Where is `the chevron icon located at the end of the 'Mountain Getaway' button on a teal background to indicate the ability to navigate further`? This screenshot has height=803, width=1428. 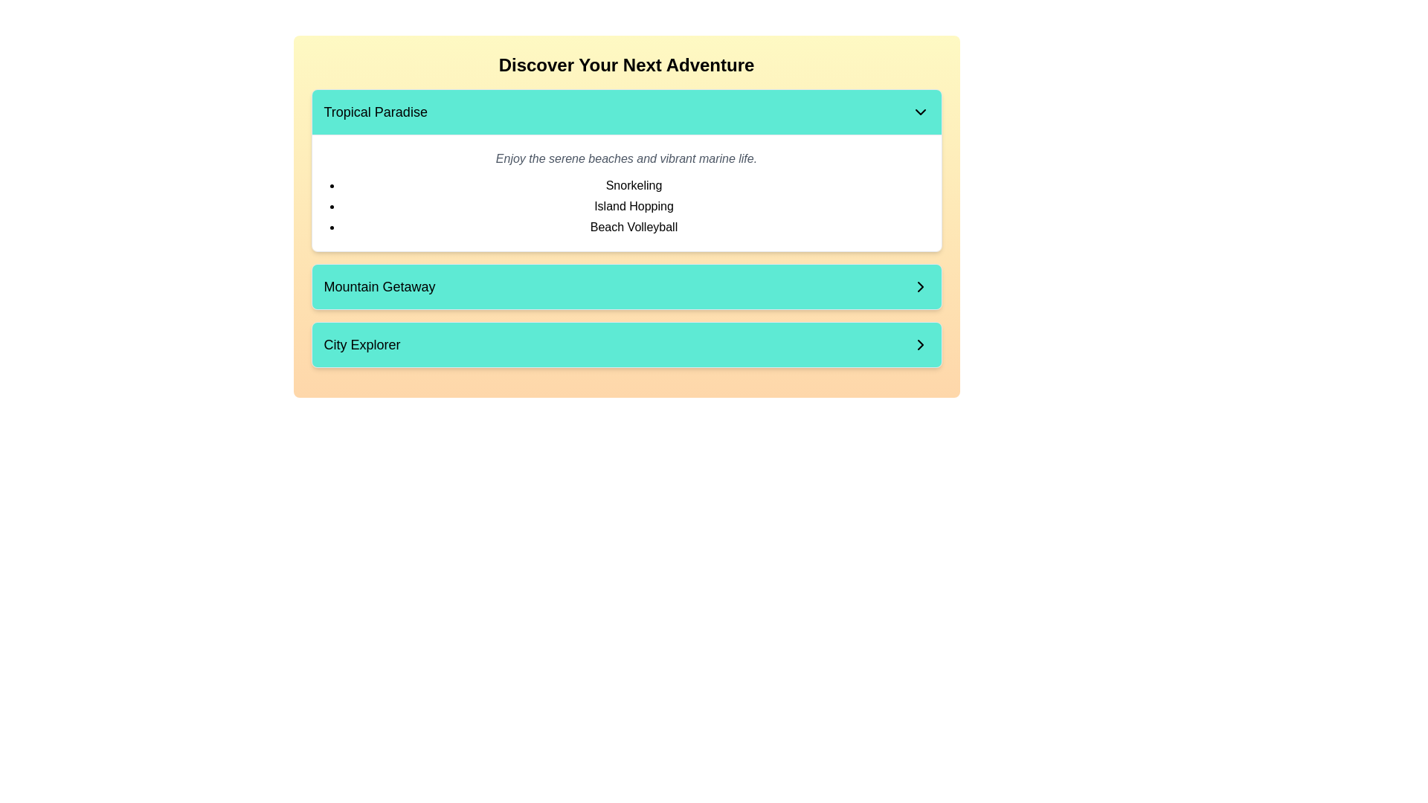 the chevron icon located at the end of the 'Mountain Getaway' button on a teal background to indicate the ability to navigate further is located at coordinates (919, 286).